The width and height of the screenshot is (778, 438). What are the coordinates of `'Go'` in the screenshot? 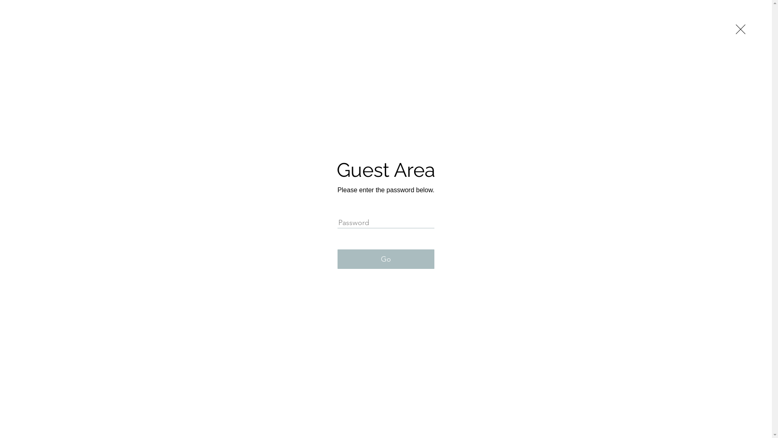 It's located at (385, 259).